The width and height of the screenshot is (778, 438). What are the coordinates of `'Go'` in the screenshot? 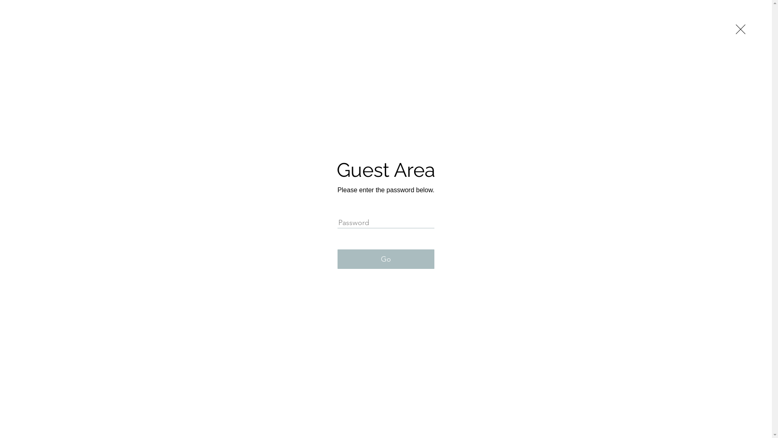 It's located at (385, 259).